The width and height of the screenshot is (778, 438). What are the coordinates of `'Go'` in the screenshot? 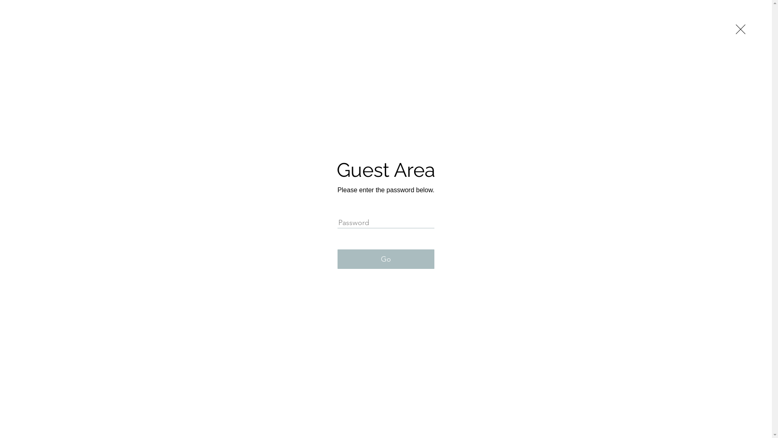 It's located at (385, 259).